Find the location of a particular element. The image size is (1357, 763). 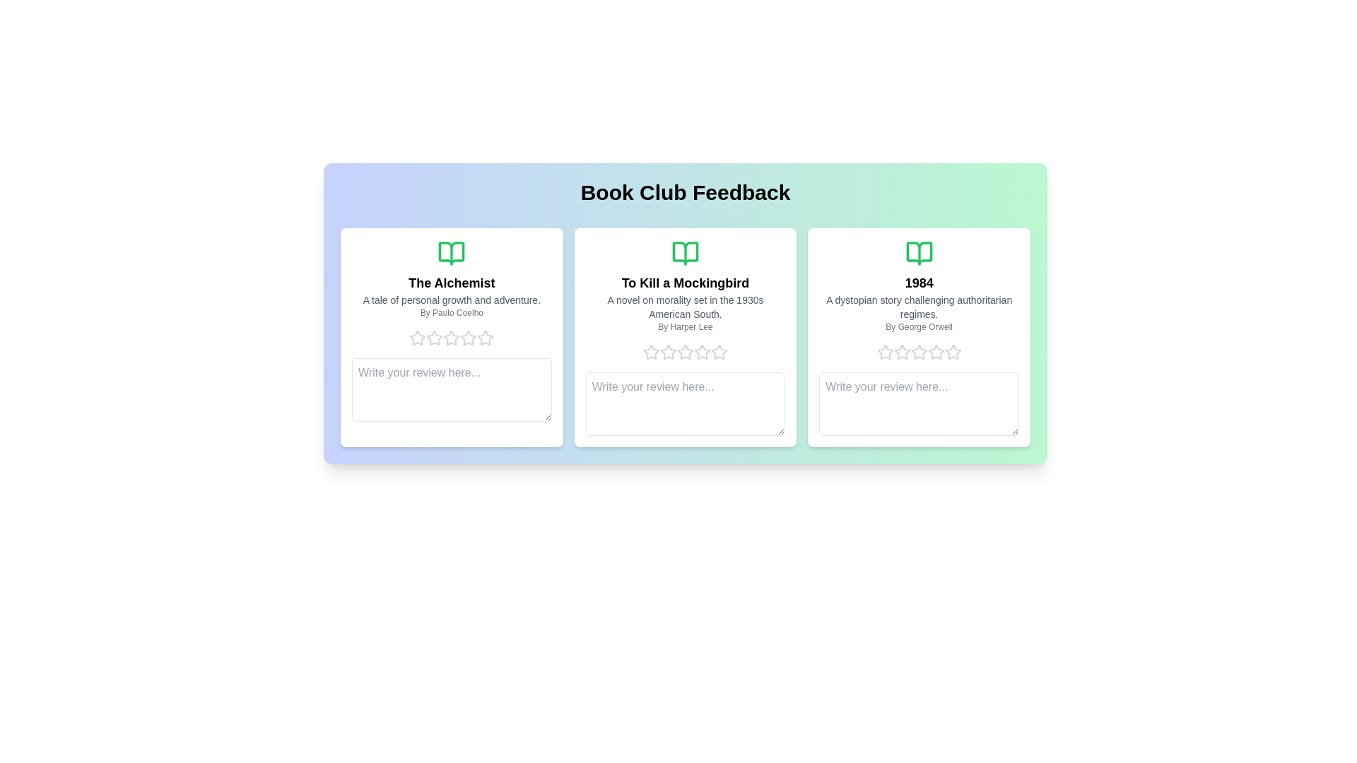

the static text snippet that reads 'A tale of personal growth and adventure.' which is styled in a small, gray font and positioned under the title 'The Alchemist' in the first card of three horizontally arranged cards is located at coordinates (451, 299).